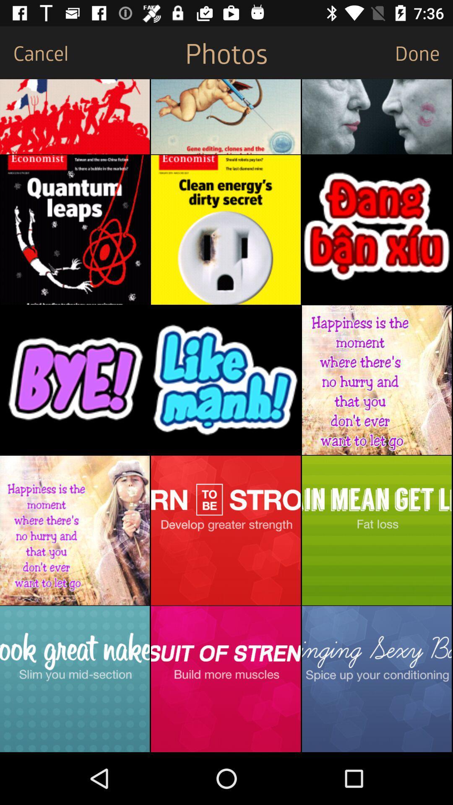 The width and height of the screenshot is (453, 805). What do you see at coordinates (34, 52) in the screenshot?
I see `cancel item` at bounding box center [34, 52].